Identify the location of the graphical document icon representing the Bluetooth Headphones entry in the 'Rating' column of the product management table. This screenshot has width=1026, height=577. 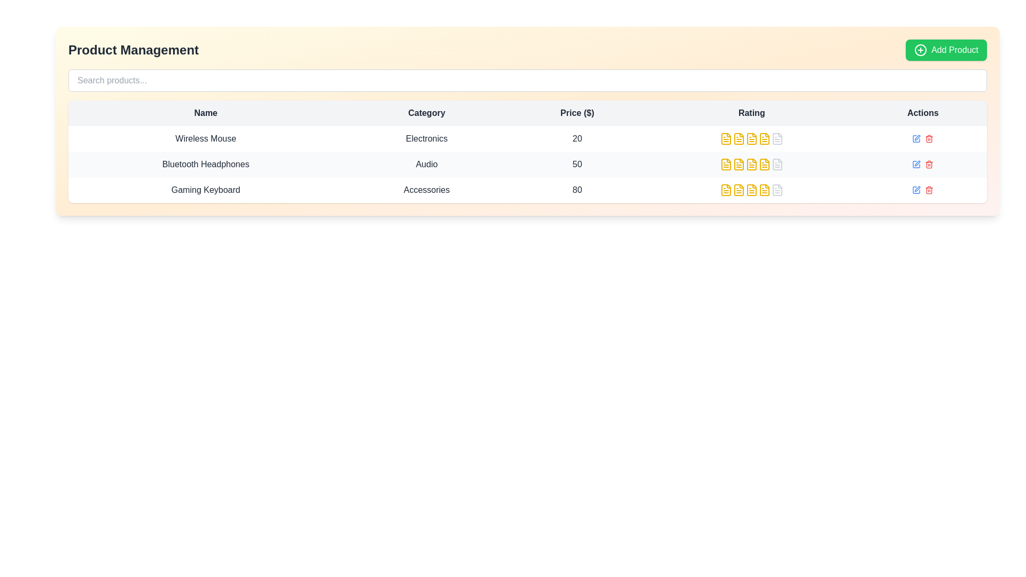
(751, 165).